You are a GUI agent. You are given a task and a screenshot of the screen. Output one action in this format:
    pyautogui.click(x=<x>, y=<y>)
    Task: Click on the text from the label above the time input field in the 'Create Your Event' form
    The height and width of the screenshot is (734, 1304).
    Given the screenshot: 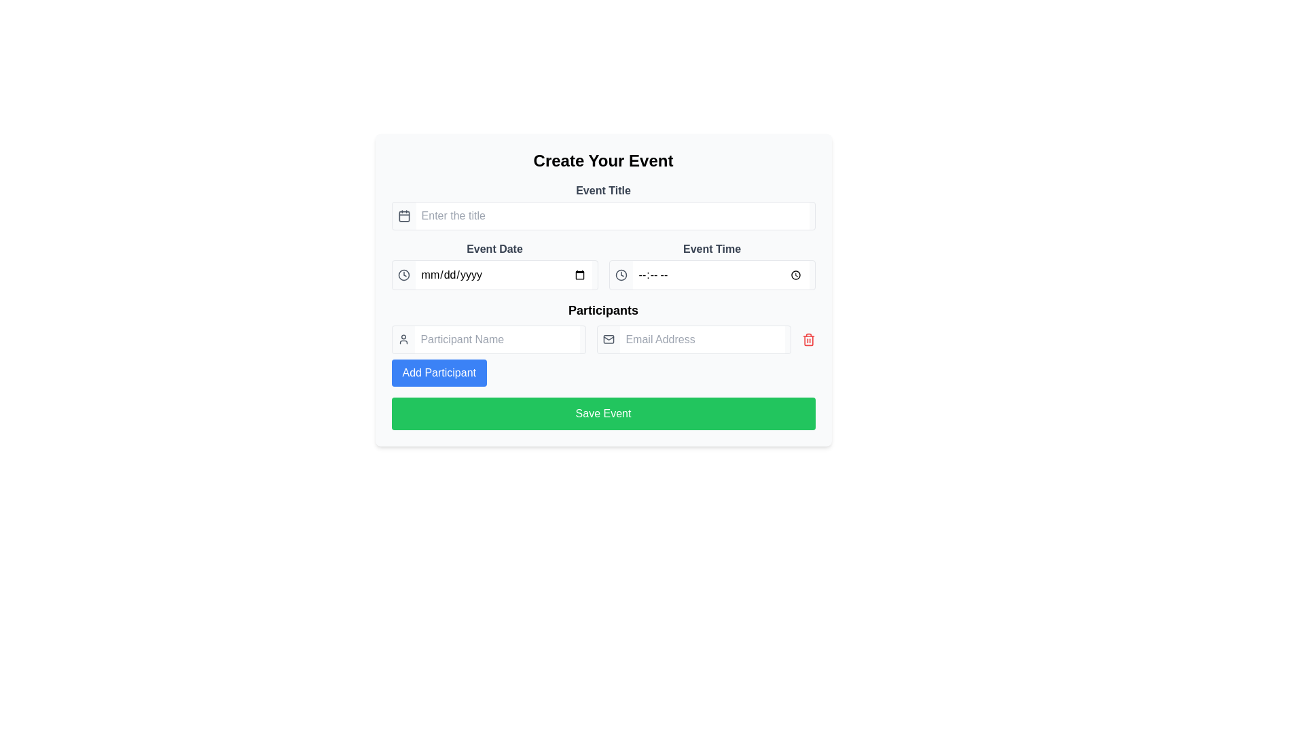 What is the action you would take?
    pyautogui.click(x=711, y=249)
    